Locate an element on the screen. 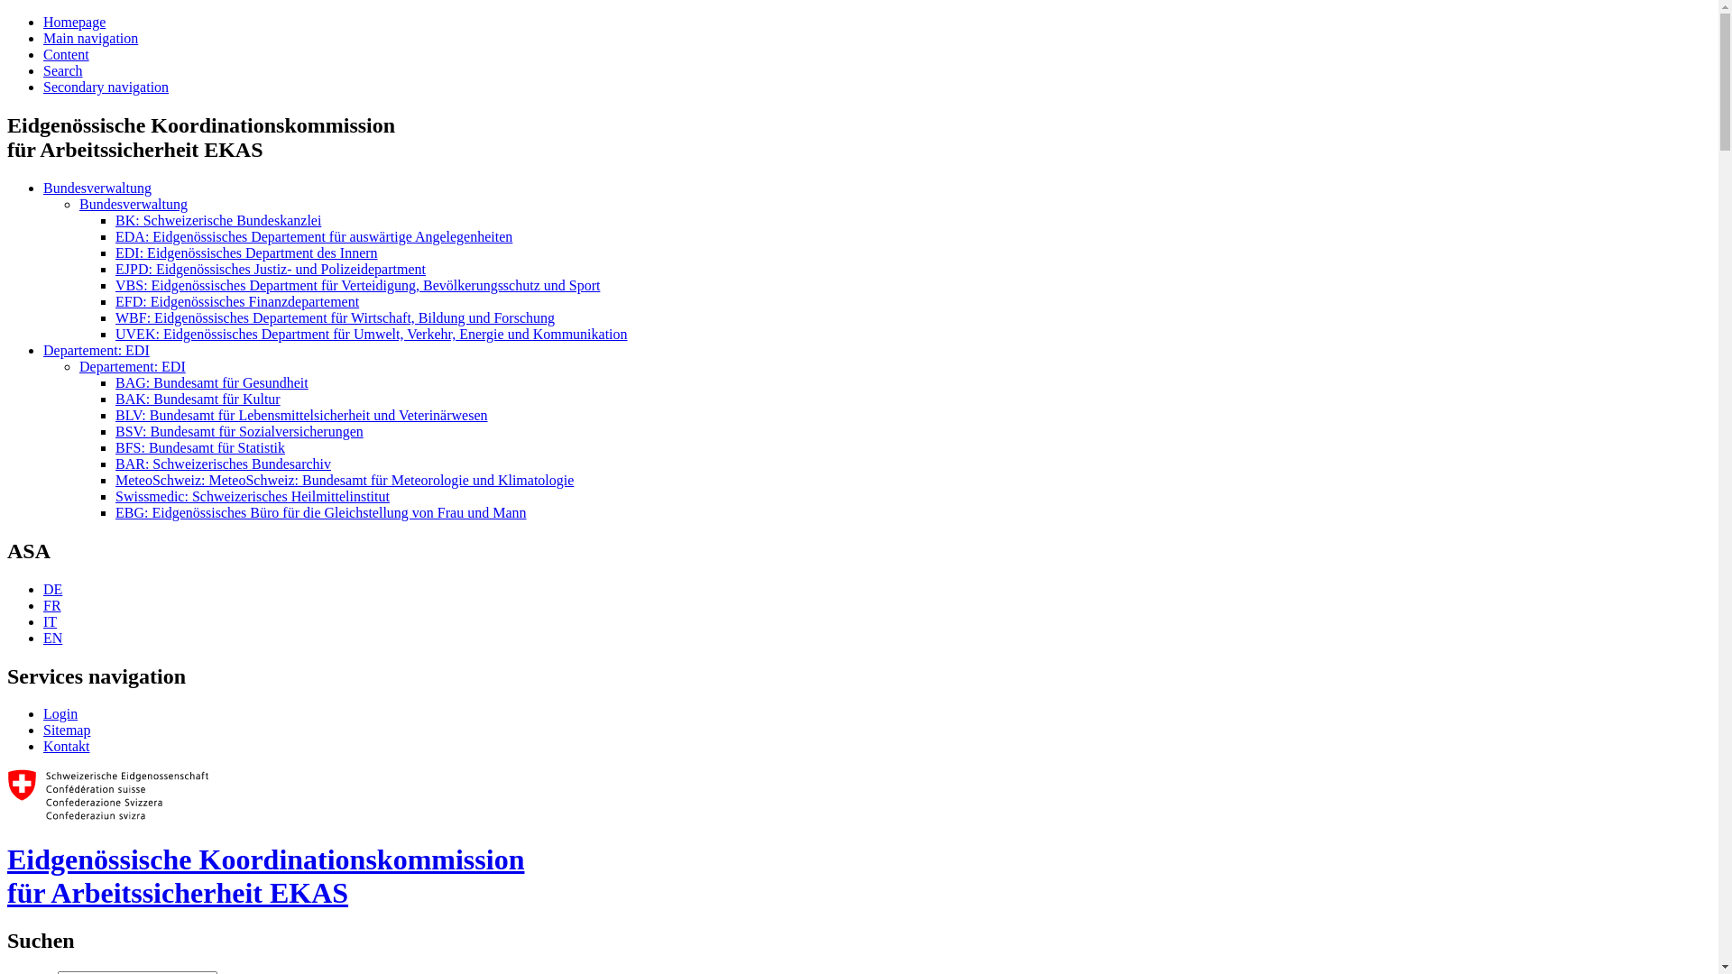 The height and width of the screenshot is (974, 1732). 'Swissmedic: Schweizerisches Heilmittelinstitut' is located at coordinates (115, 496).